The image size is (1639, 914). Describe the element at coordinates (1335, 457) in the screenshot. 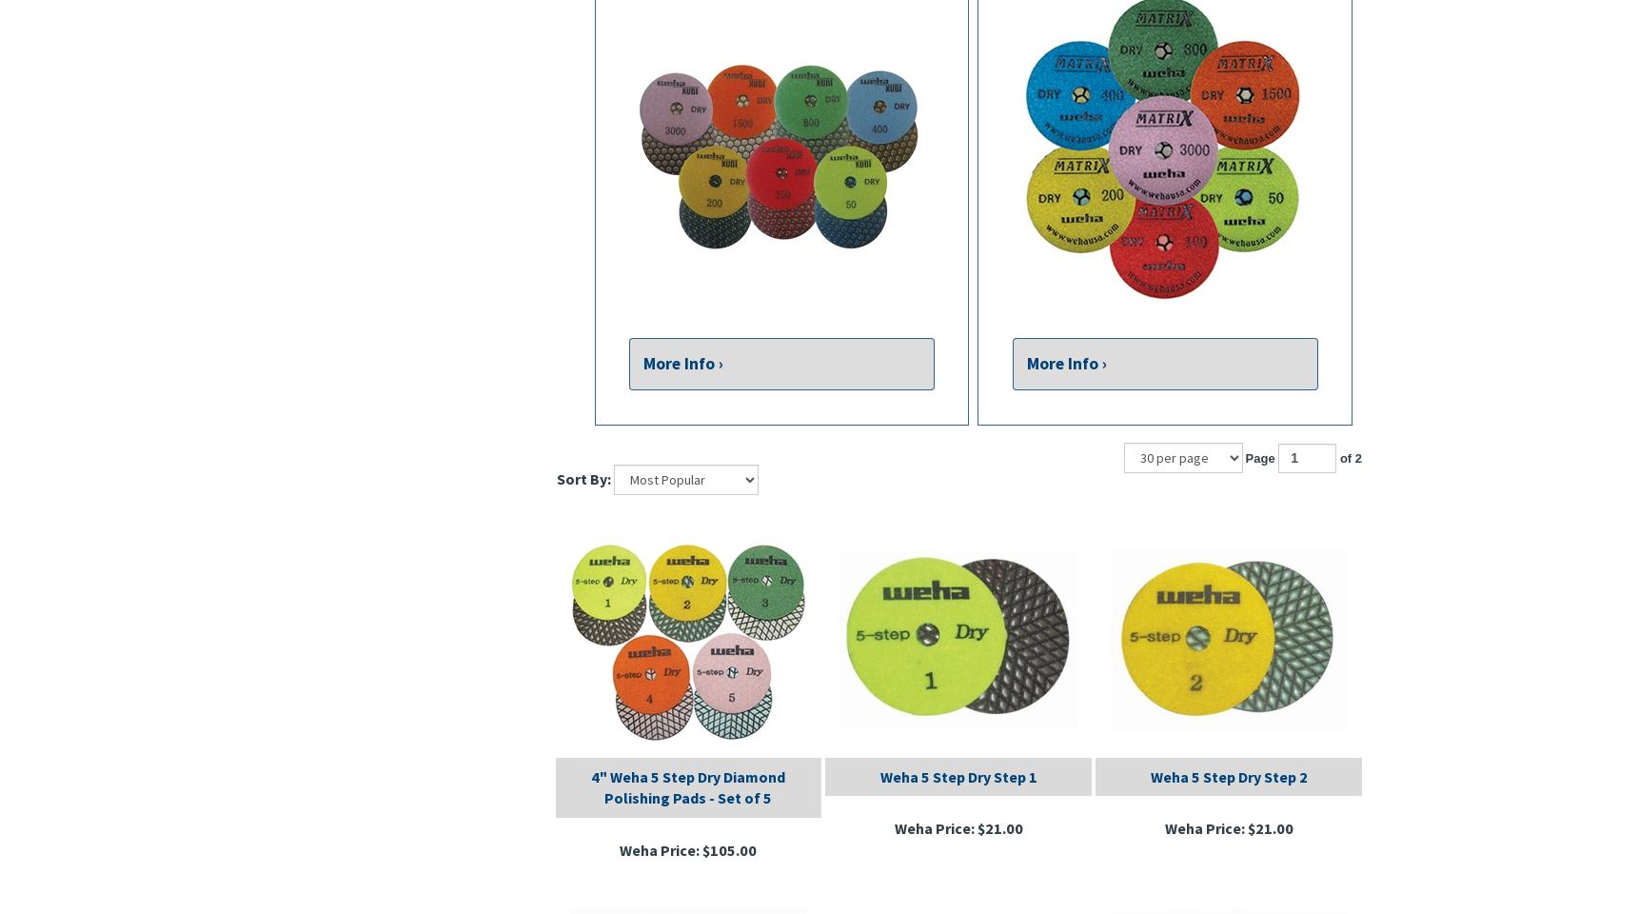

I see `'of 2'` at that location.